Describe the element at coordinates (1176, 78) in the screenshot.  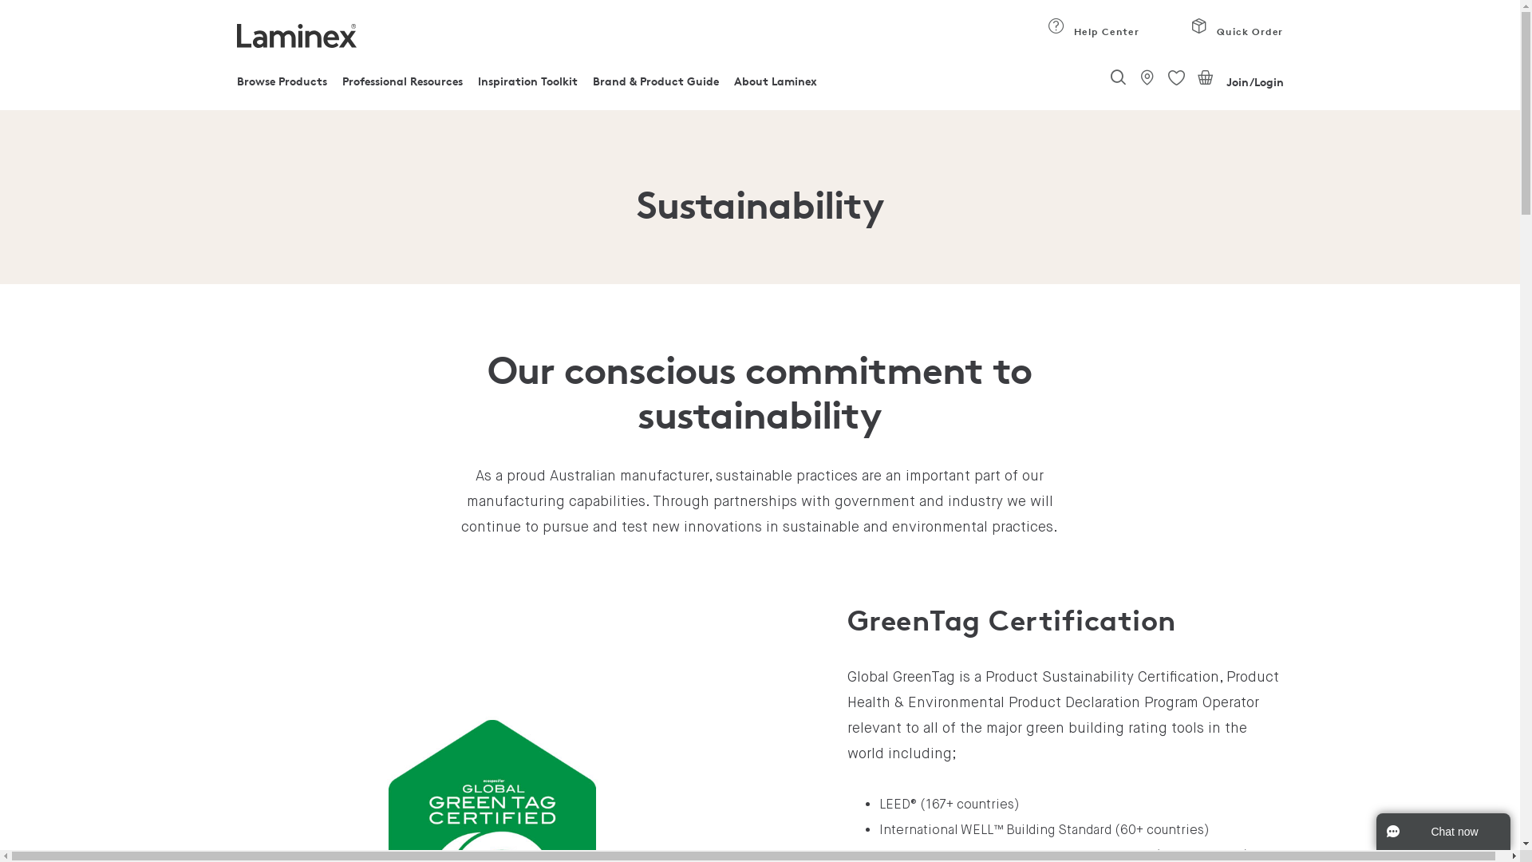
I see `'View Favourites'` at that location.